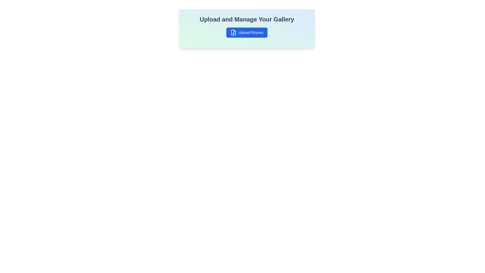  What do you see at coordinates (247, 28) in the screenshot?
I see `the blue button labeled 'Upload Pictures' within the panel that has a gradient background and a heading 'Upload and Manage Your Gallery'` at bounding box center [247, 28].